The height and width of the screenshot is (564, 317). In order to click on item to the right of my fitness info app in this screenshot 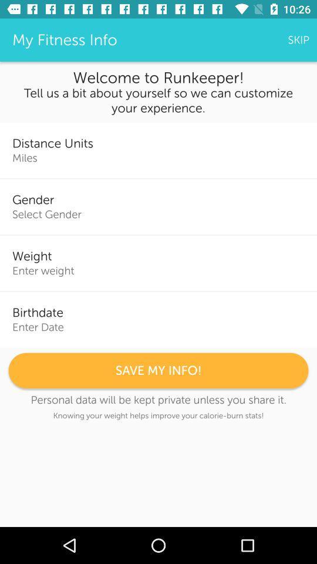, I will do `click(298, 40)`.